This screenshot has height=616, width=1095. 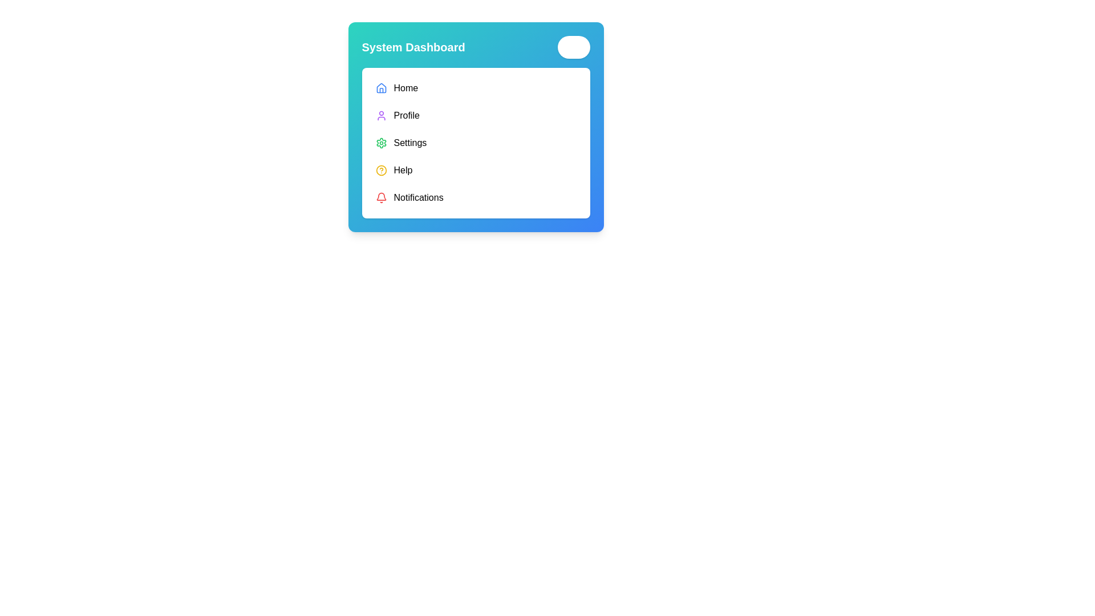 I want to click on the 'Settings' menu item in the vertical list, so click(x=476, y=142).